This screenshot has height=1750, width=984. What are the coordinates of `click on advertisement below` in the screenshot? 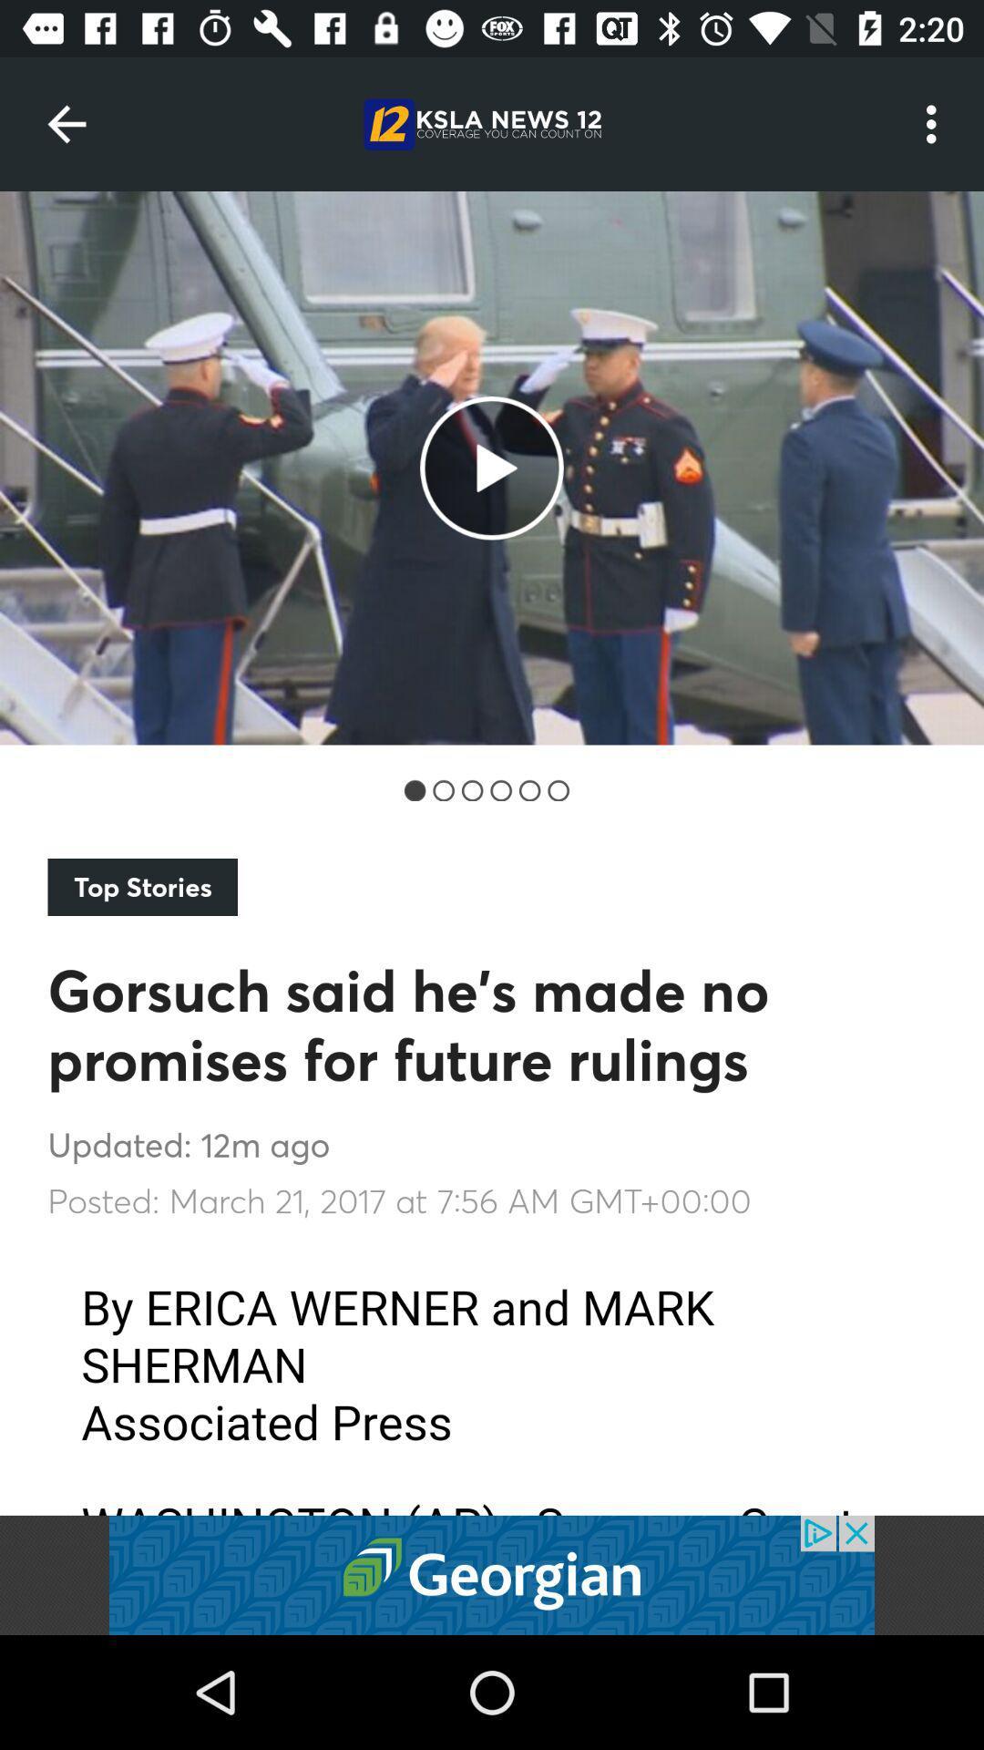 It's located at (492, 1574).